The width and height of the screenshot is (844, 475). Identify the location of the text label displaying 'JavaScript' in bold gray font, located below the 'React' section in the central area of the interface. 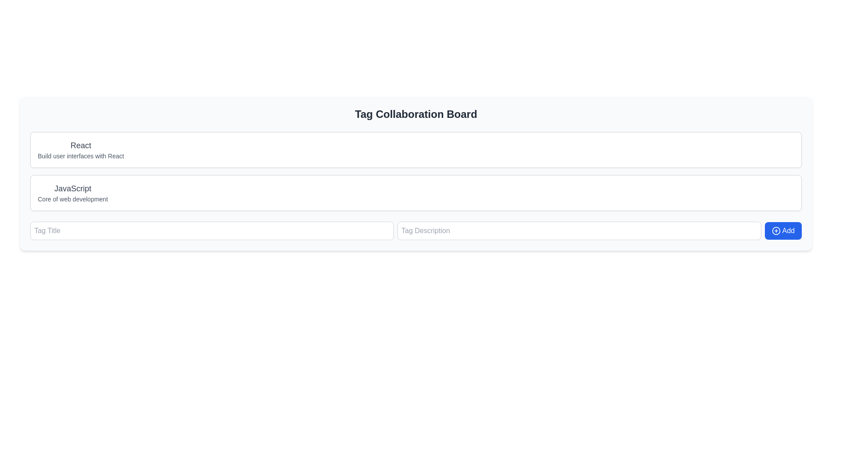
(73, 188).